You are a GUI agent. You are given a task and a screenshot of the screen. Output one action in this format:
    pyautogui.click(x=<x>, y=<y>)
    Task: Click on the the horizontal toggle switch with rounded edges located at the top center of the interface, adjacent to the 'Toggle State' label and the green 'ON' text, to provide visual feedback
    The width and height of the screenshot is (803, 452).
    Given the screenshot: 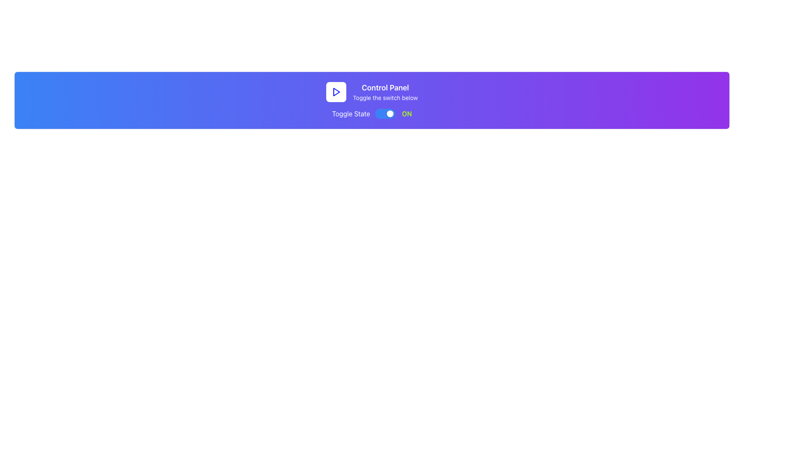 What is the action you would take?
    pyautogui.click(x=385, y=114)
    